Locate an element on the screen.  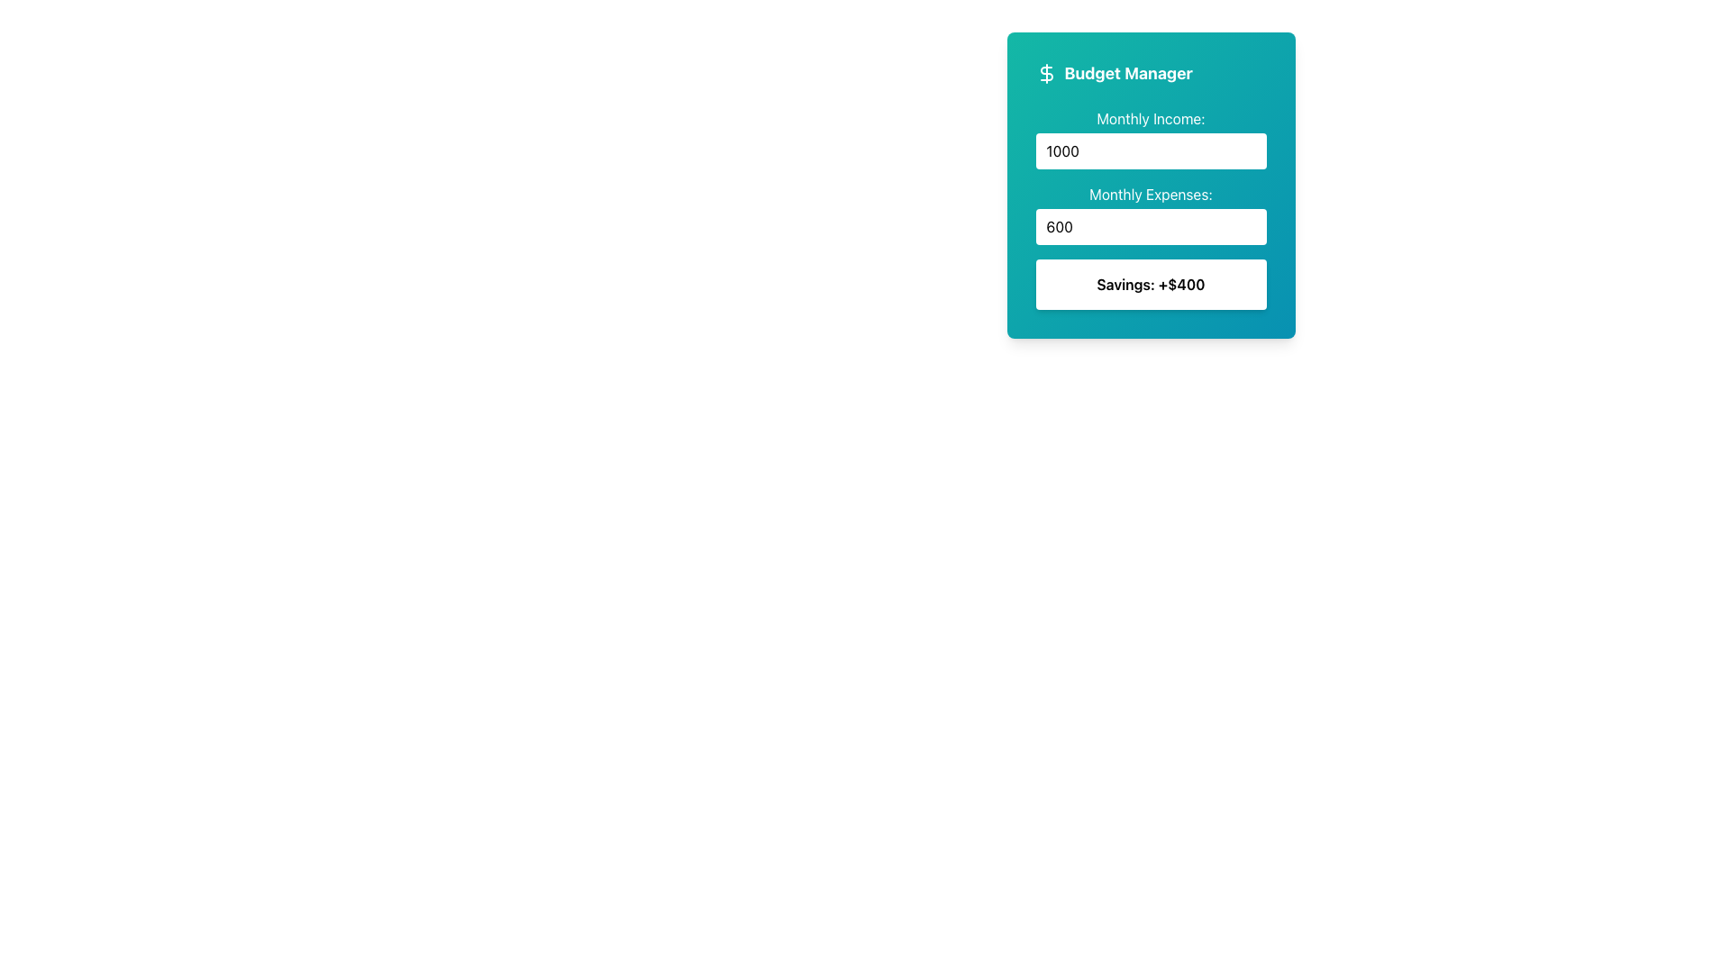
the number input field for 'Monthly Expenses' to focus on it is located at coordinates (1150, 225).